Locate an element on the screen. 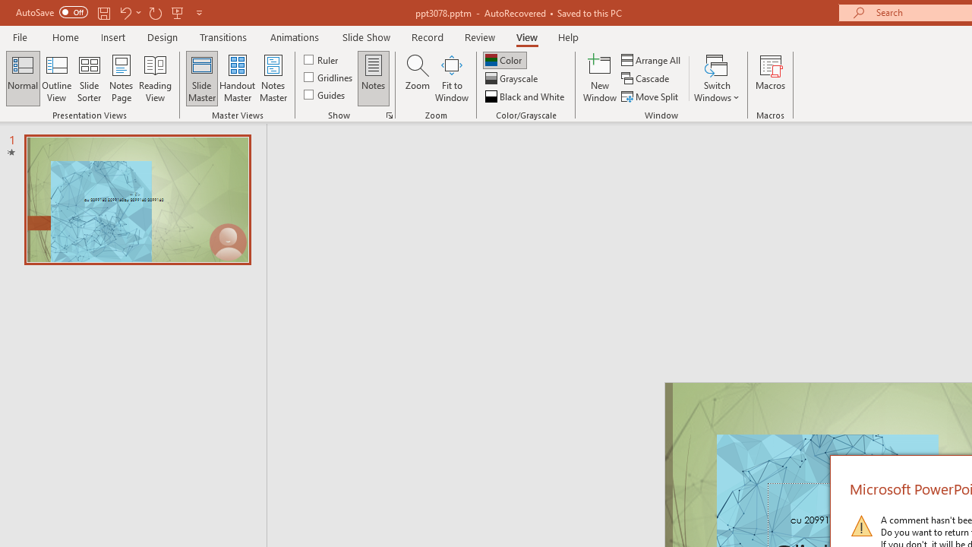 The image size is (972, 547). 'Gridlines' is located at coordinates (328, 77).